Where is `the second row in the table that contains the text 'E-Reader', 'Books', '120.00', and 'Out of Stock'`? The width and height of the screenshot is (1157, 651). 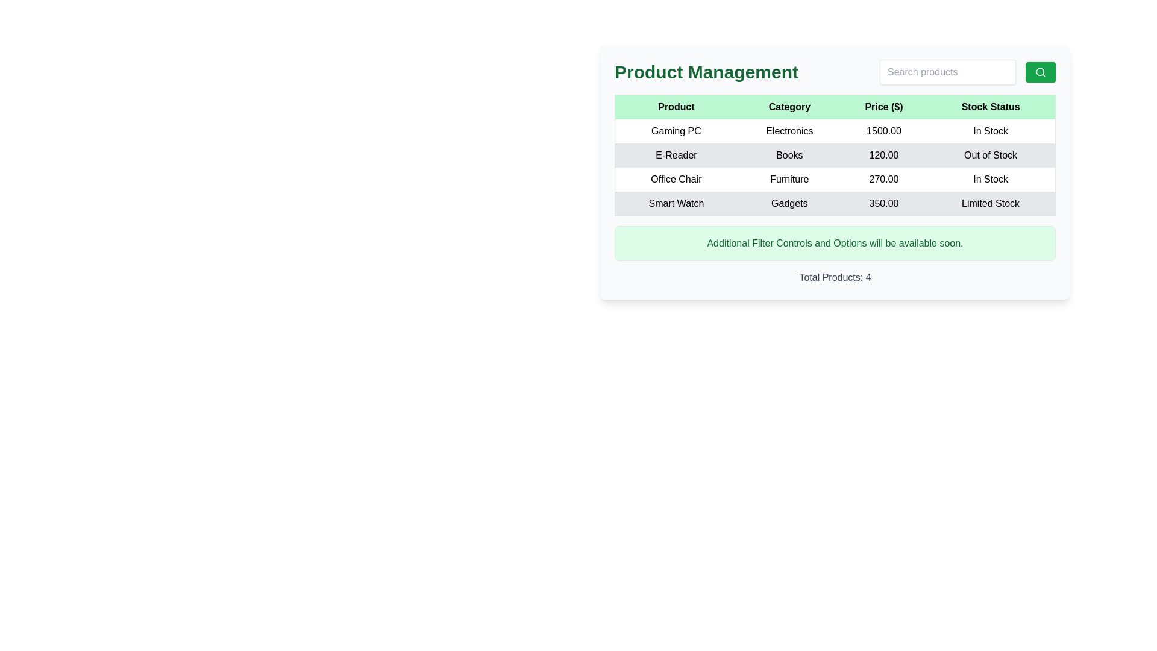 the second row in the table that contains the text 'E-Reader', 'Books', '120.00', and 'Out of Stock' is located at coordinates (835, 167).